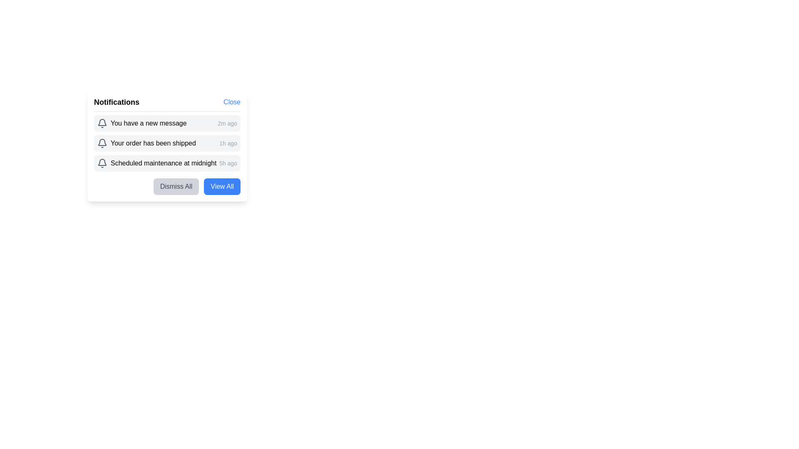  What do you see at coordinates (116, 102) in the screenshot?
I see `text from the bold 'Notifications' label located at the top-left corner of its bounding box` at bounding box center [116, 102].